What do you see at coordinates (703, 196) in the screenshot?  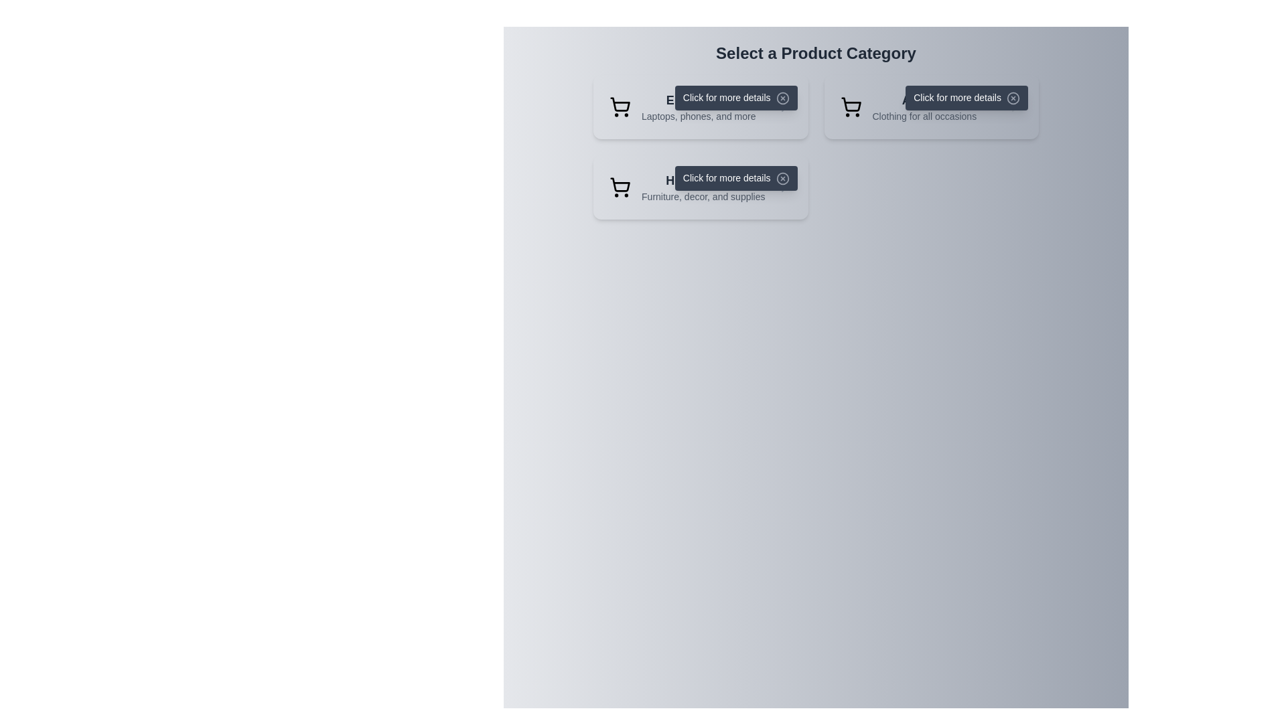 I see `the Text label that serves as a description for the 'Home Goods' category, positioned directly below the 'Home Goods' text` at bounding box center [703, 196].